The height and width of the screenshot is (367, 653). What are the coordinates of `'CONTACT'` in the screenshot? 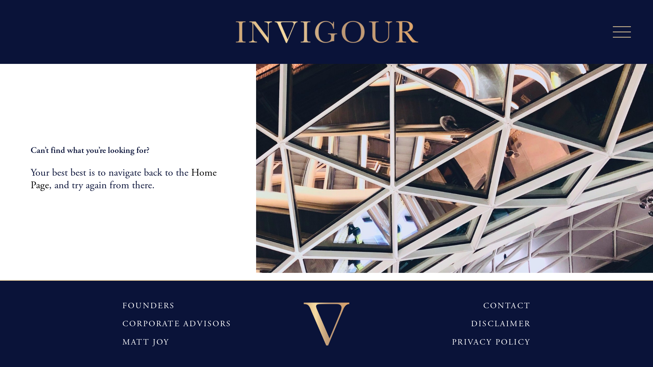 It's located at (507, 305).